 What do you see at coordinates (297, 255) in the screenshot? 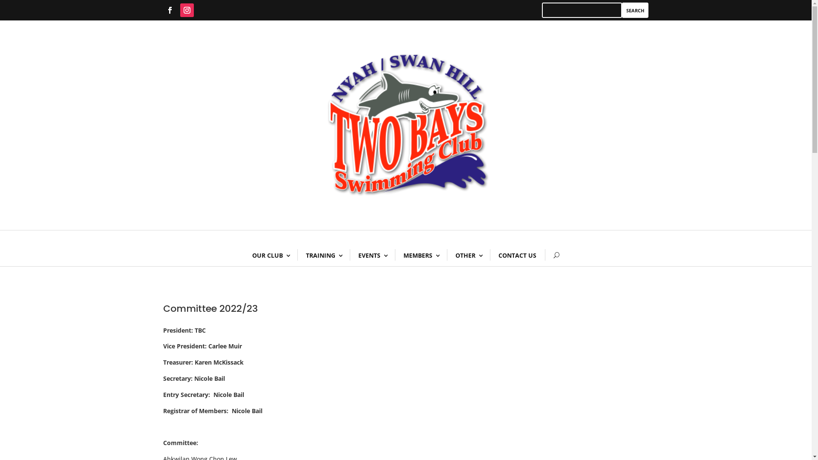
I see `'TRAINING'` at bounding box center [297, 255].